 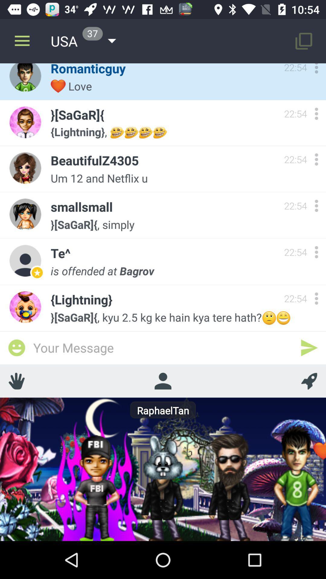 I want to click on the send icon, so click(x=309, y=348).